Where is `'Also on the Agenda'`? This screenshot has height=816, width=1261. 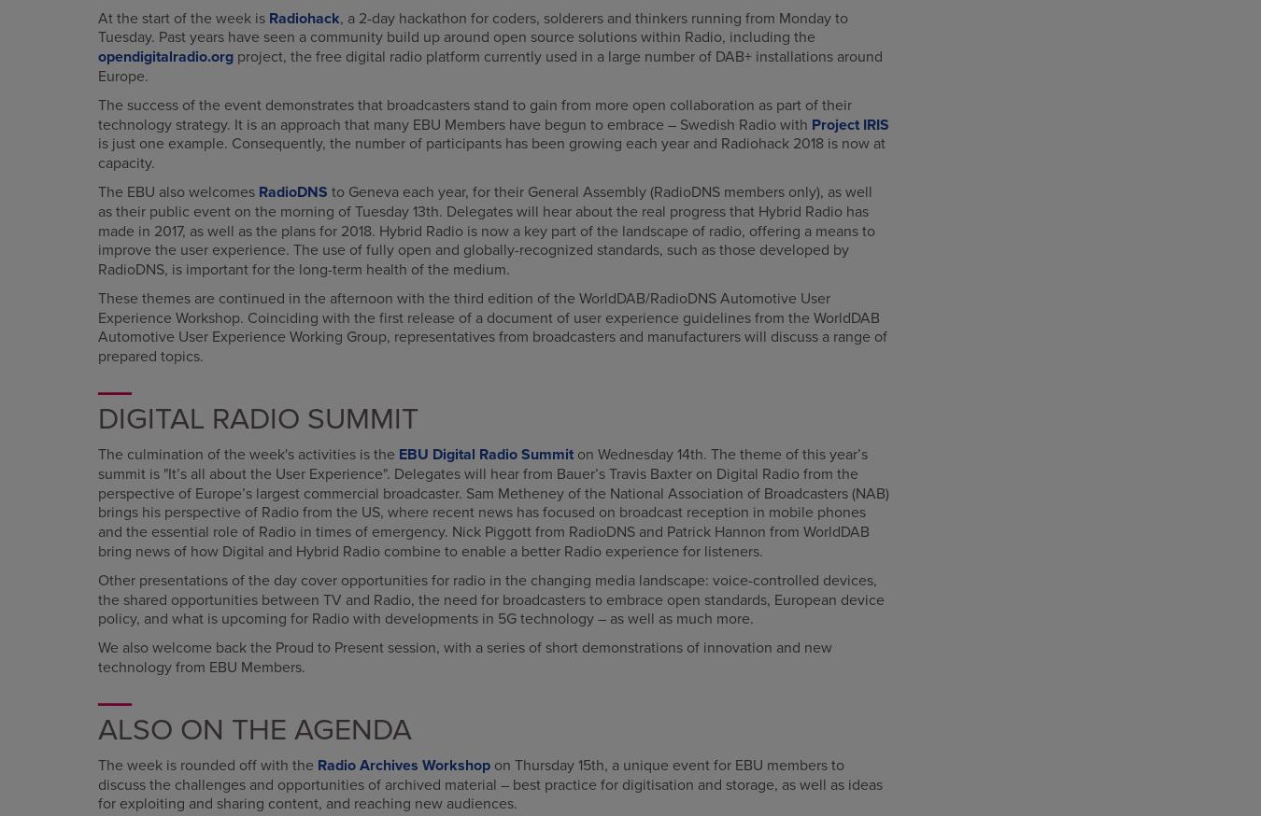
'Also on the Agenda' is located at coordinates (253, 728).